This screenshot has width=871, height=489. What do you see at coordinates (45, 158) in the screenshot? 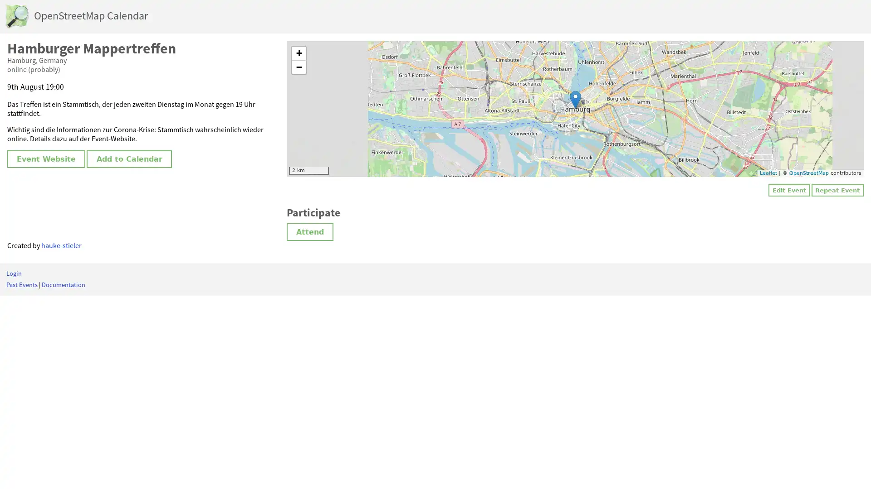
I see `Event Website` at bounding box center [45, 158].